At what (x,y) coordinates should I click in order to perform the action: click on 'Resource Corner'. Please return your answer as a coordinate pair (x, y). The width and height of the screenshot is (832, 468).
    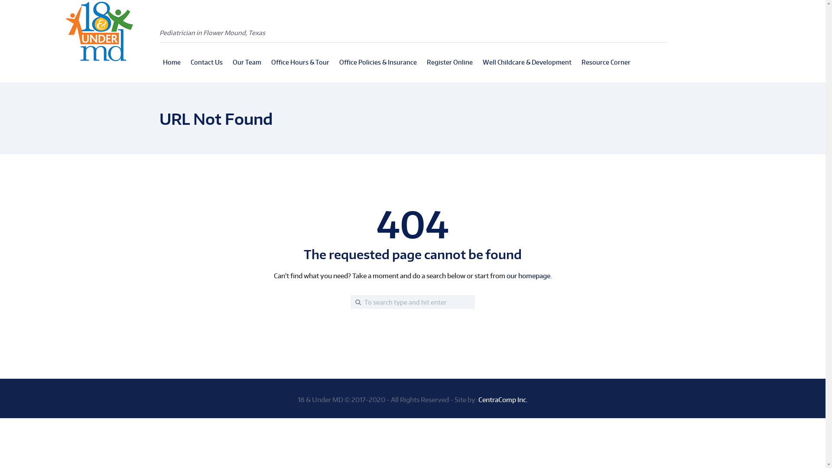
    Looking at the image, I should click on (605, 62).